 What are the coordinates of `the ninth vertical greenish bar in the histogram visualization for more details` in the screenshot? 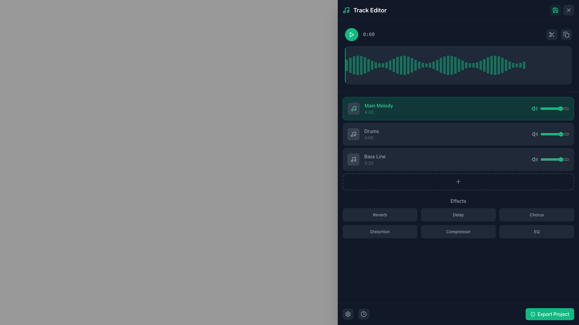 It's located at (375, 65).